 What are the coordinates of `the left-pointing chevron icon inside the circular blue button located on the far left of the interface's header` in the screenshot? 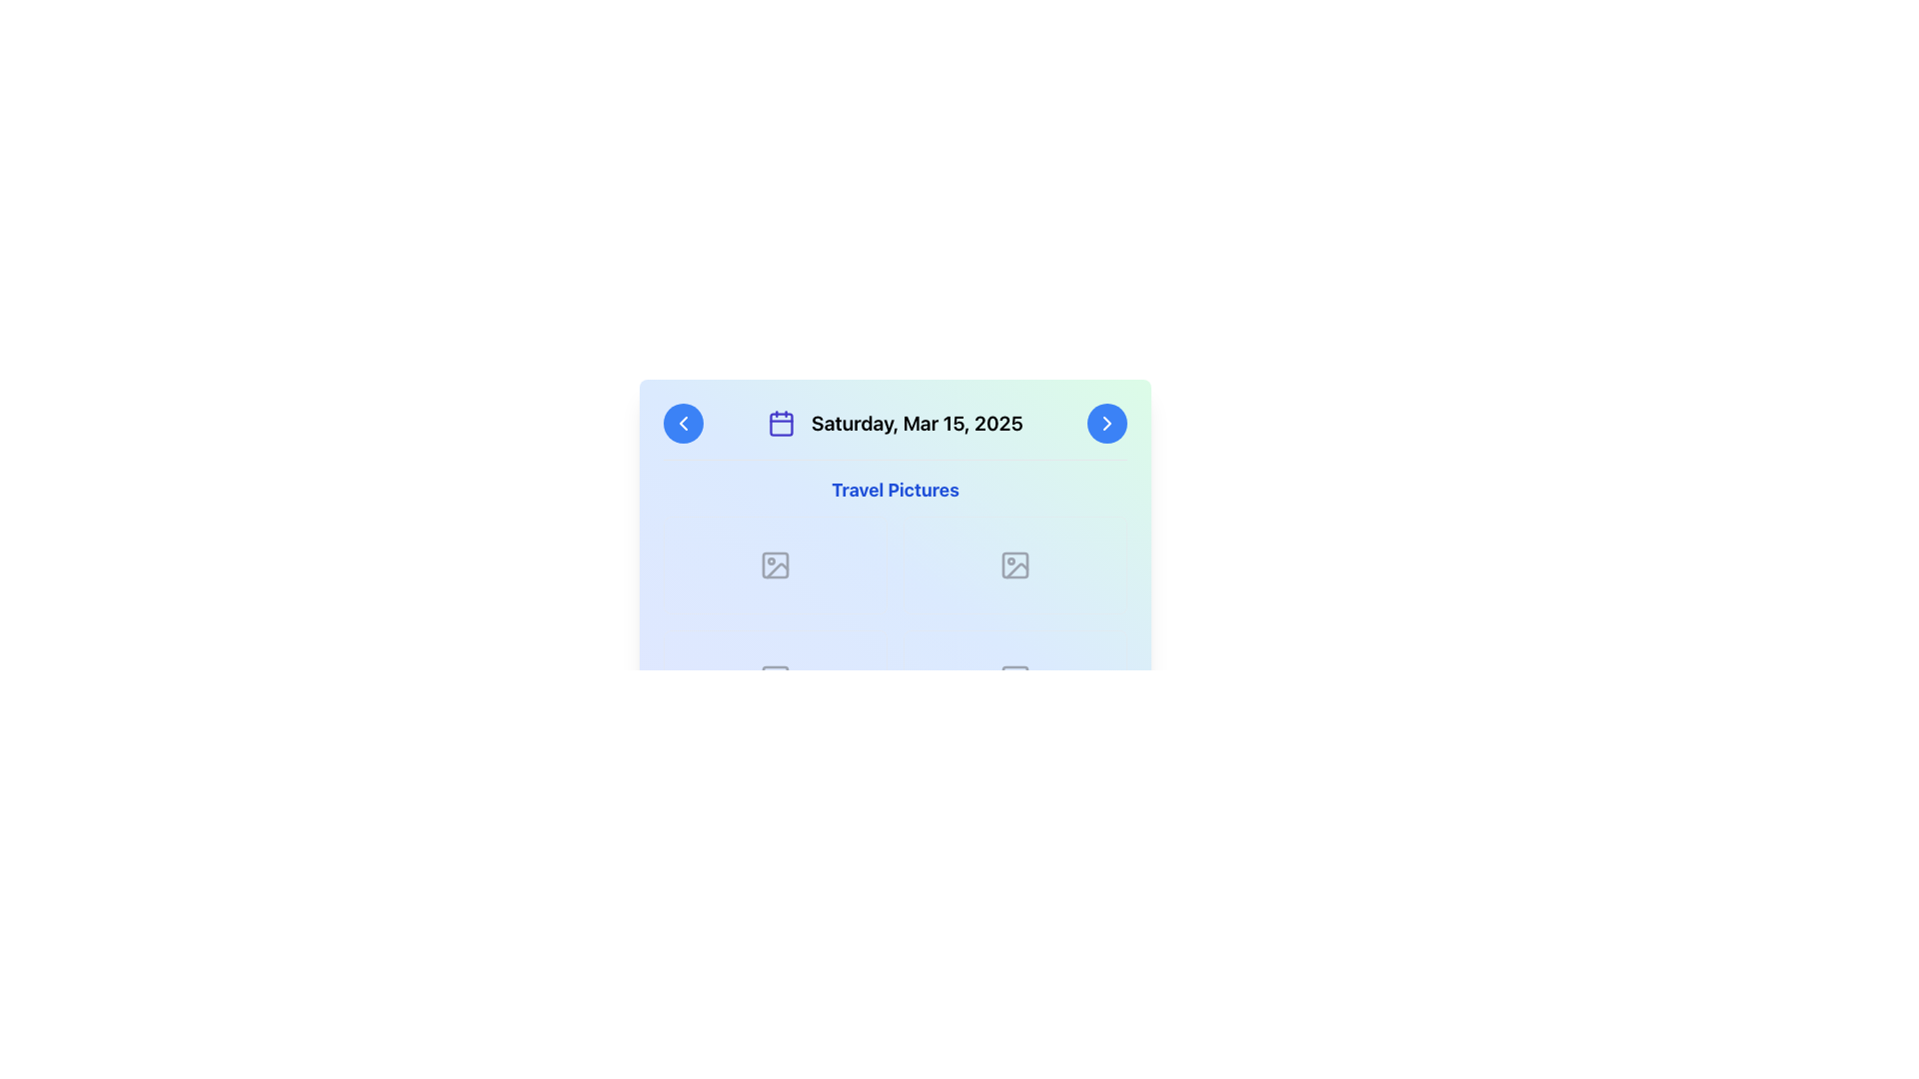 It's located at (684, 423).